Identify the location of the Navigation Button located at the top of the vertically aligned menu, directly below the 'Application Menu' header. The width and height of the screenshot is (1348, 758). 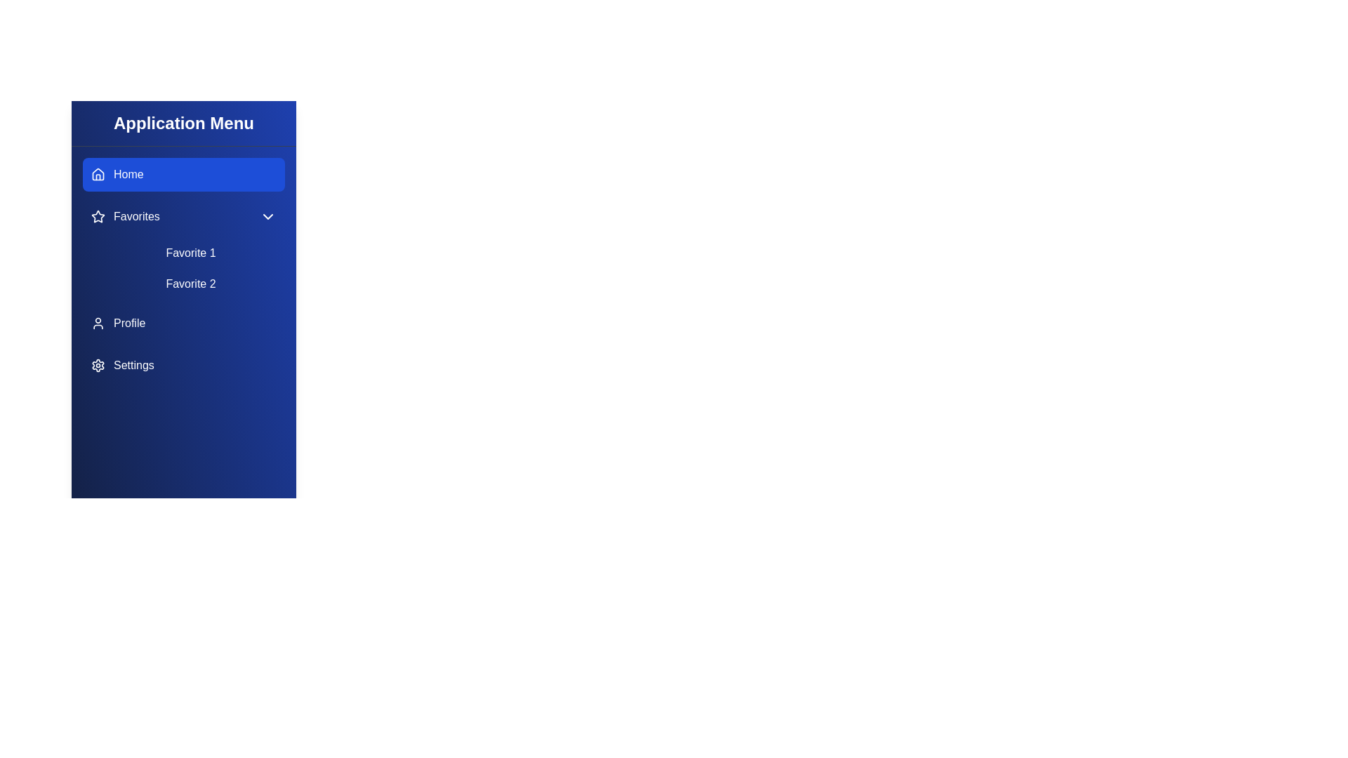
(117, 174).